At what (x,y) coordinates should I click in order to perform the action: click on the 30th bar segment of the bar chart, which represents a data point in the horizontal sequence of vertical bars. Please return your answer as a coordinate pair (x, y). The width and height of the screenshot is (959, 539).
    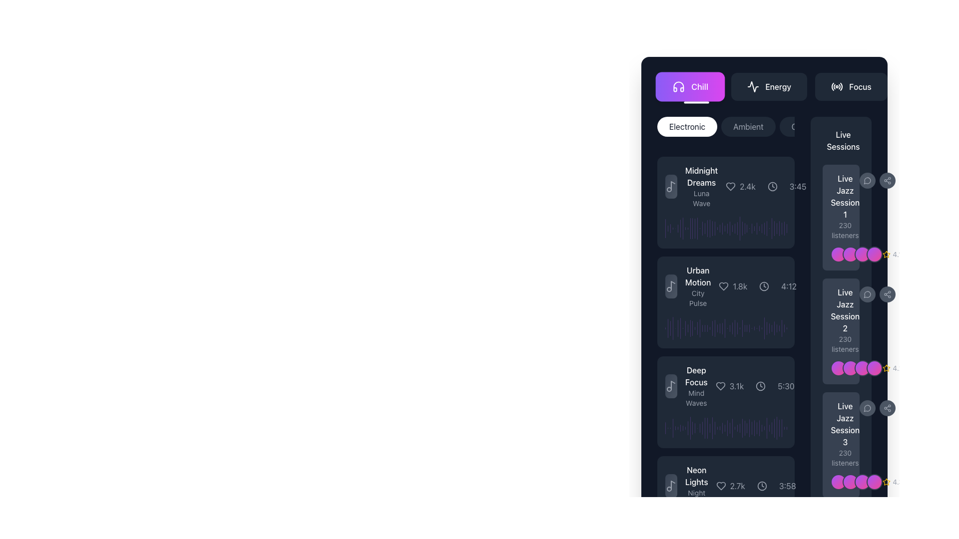
    Looking at the image, I should click on (747, 229).